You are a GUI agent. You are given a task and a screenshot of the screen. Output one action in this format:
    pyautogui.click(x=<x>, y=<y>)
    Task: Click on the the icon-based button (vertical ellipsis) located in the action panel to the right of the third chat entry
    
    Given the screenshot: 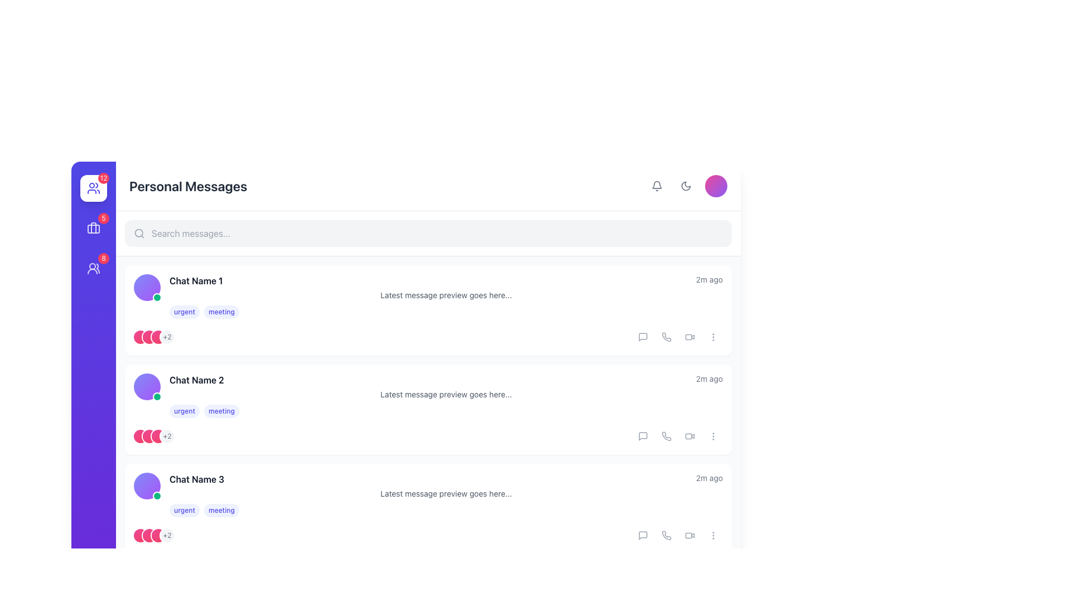 What is the action you would take?
    pyautogui.click(x=712, y=535)
    